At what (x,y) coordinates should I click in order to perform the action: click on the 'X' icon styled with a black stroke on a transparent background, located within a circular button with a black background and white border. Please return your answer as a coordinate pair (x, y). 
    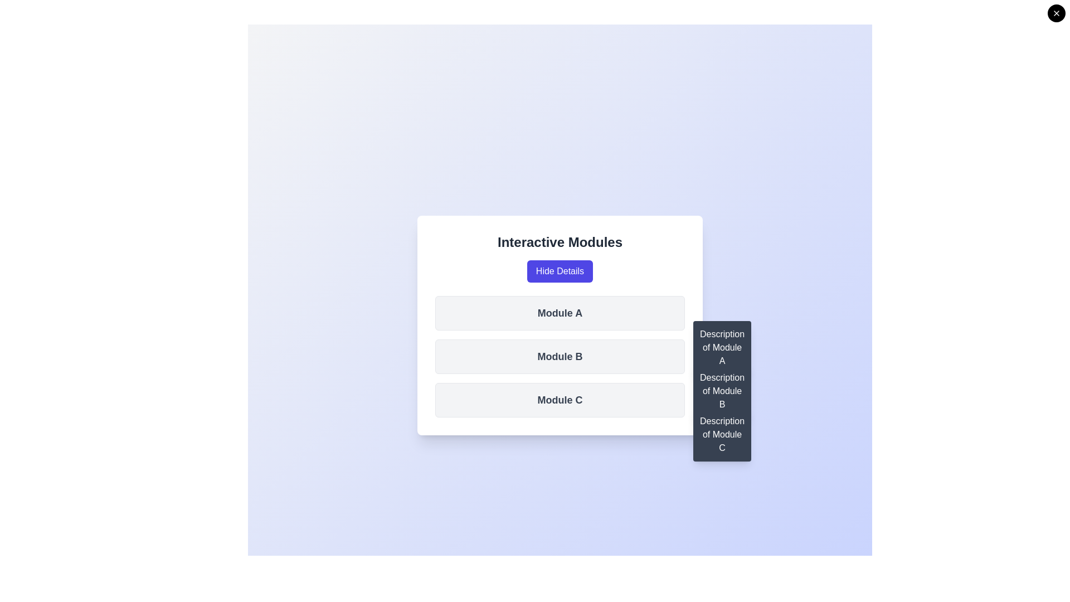
    Looking at the image, I should click on (1056, 13).